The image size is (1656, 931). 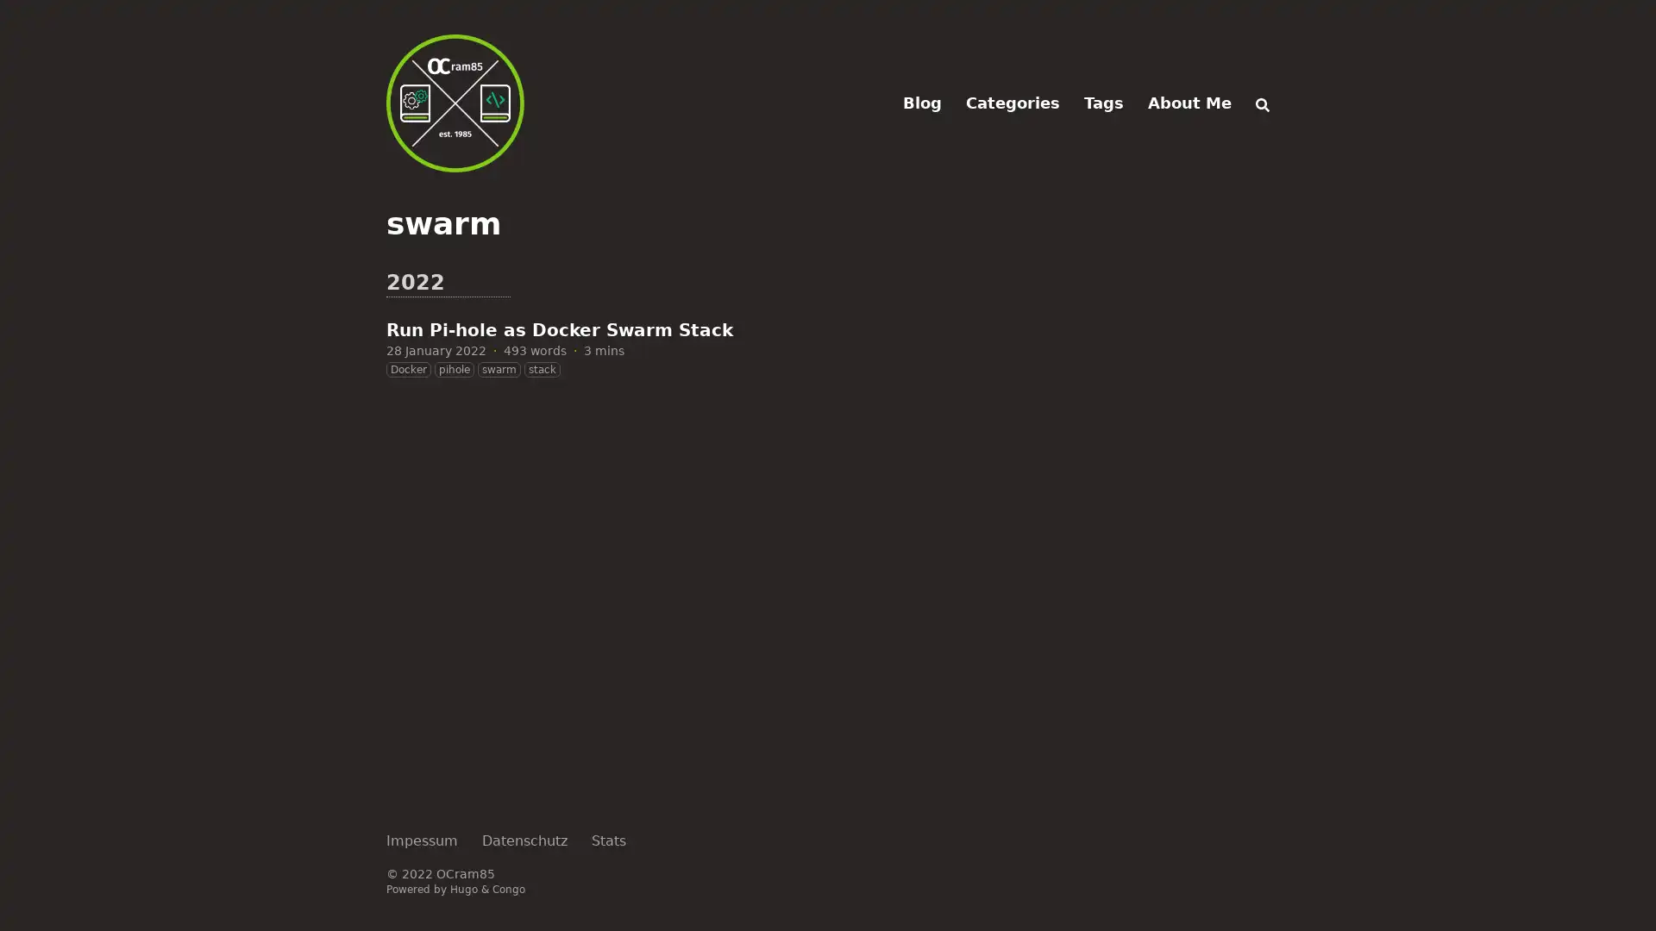 I want to click on Search (/), so click(x=1263, y=103).